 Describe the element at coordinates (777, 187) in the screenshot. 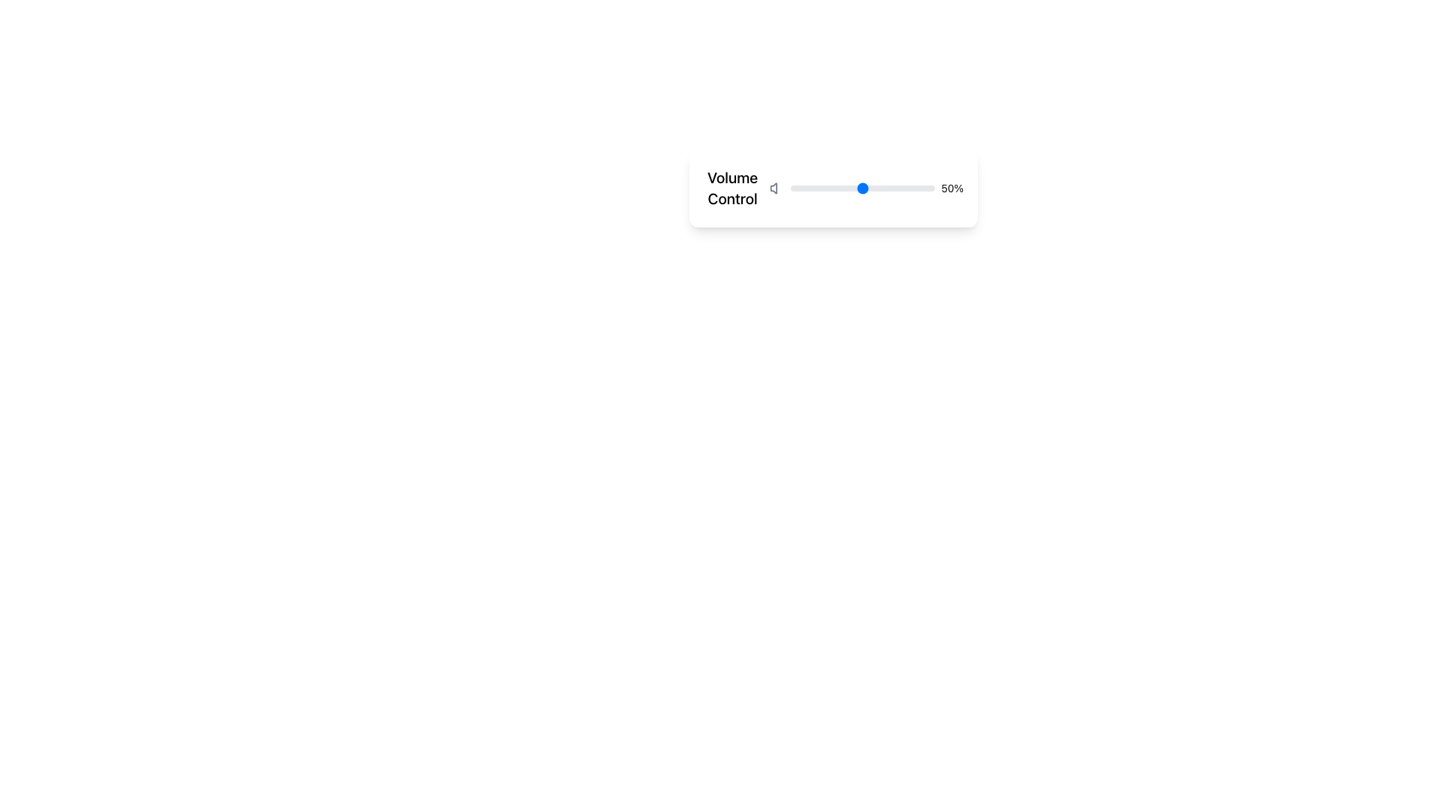

I see `the speaker icon indicating volume, which is gray and located at the leftmost part of the horizontal volume control bar` at that location.